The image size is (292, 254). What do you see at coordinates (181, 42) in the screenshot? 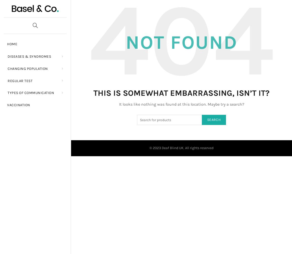
I see `'Not Found'` at bounding box center [181, 42].